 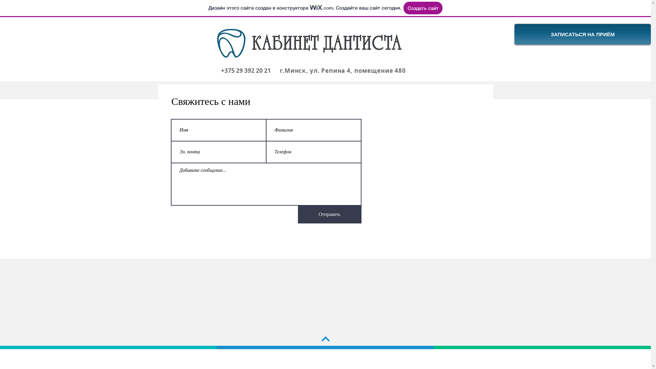 I want to click on '+375 29 392 20 21', so click(x=246, y=71).